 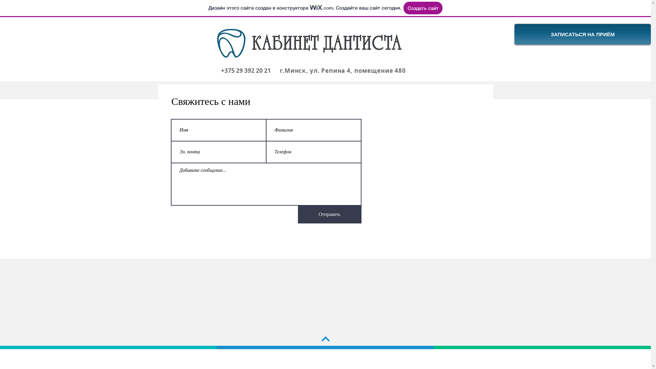 I want to click on '+375 29 392 20 21', so click(x=246, y=71).